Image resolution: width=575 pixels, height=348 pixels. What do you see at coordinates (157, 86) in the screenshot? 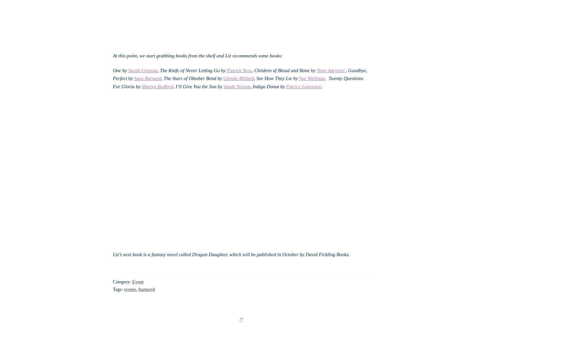
I see `'Martyn Bedford'` at bounding box center [157, 86].